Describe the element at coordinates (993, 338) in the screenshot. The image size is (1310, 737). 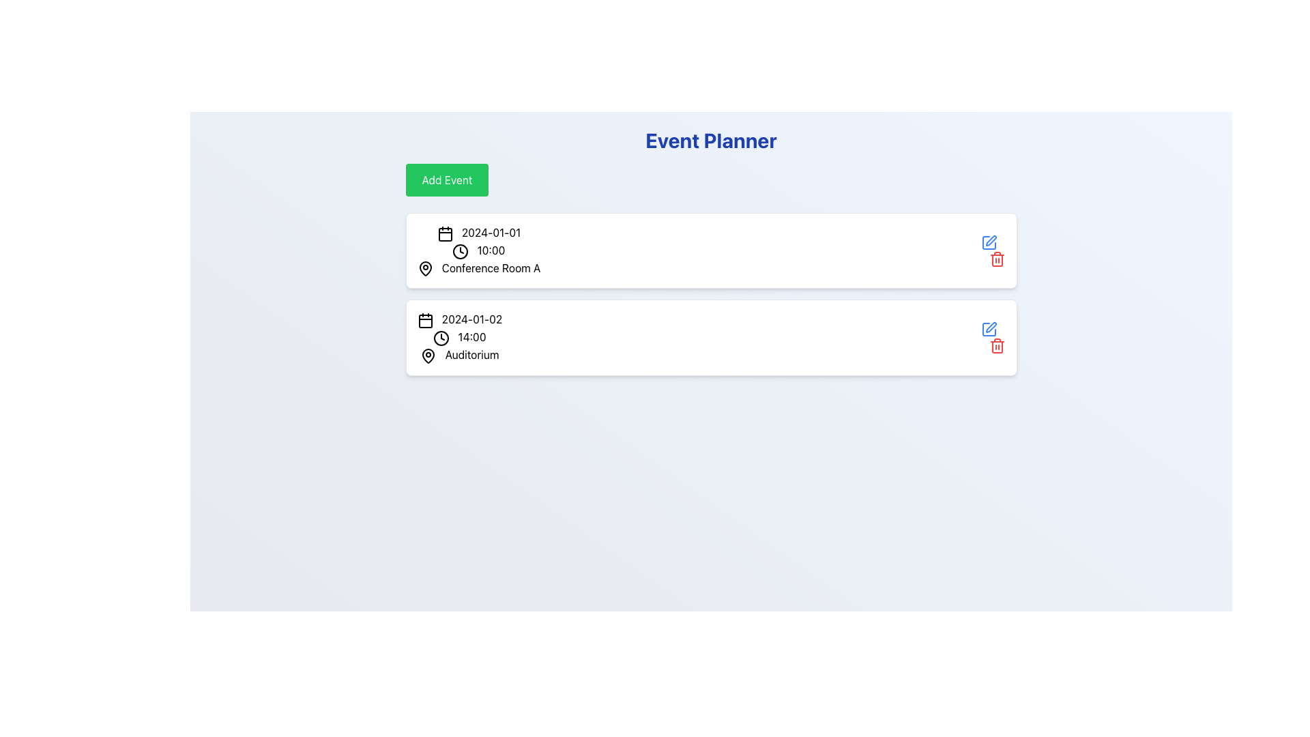
I see `the red trash can icon button located to the far right of the event's information section` at that location.